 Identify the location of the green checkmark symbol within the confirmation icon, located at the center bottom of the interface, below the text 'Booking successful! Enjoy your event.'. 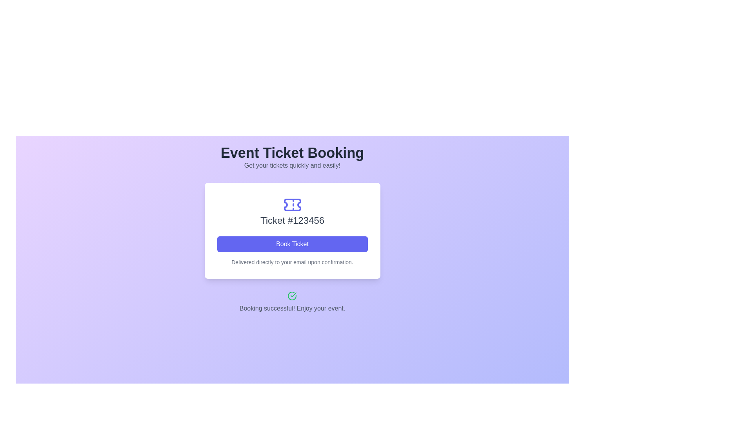
(292, 296).